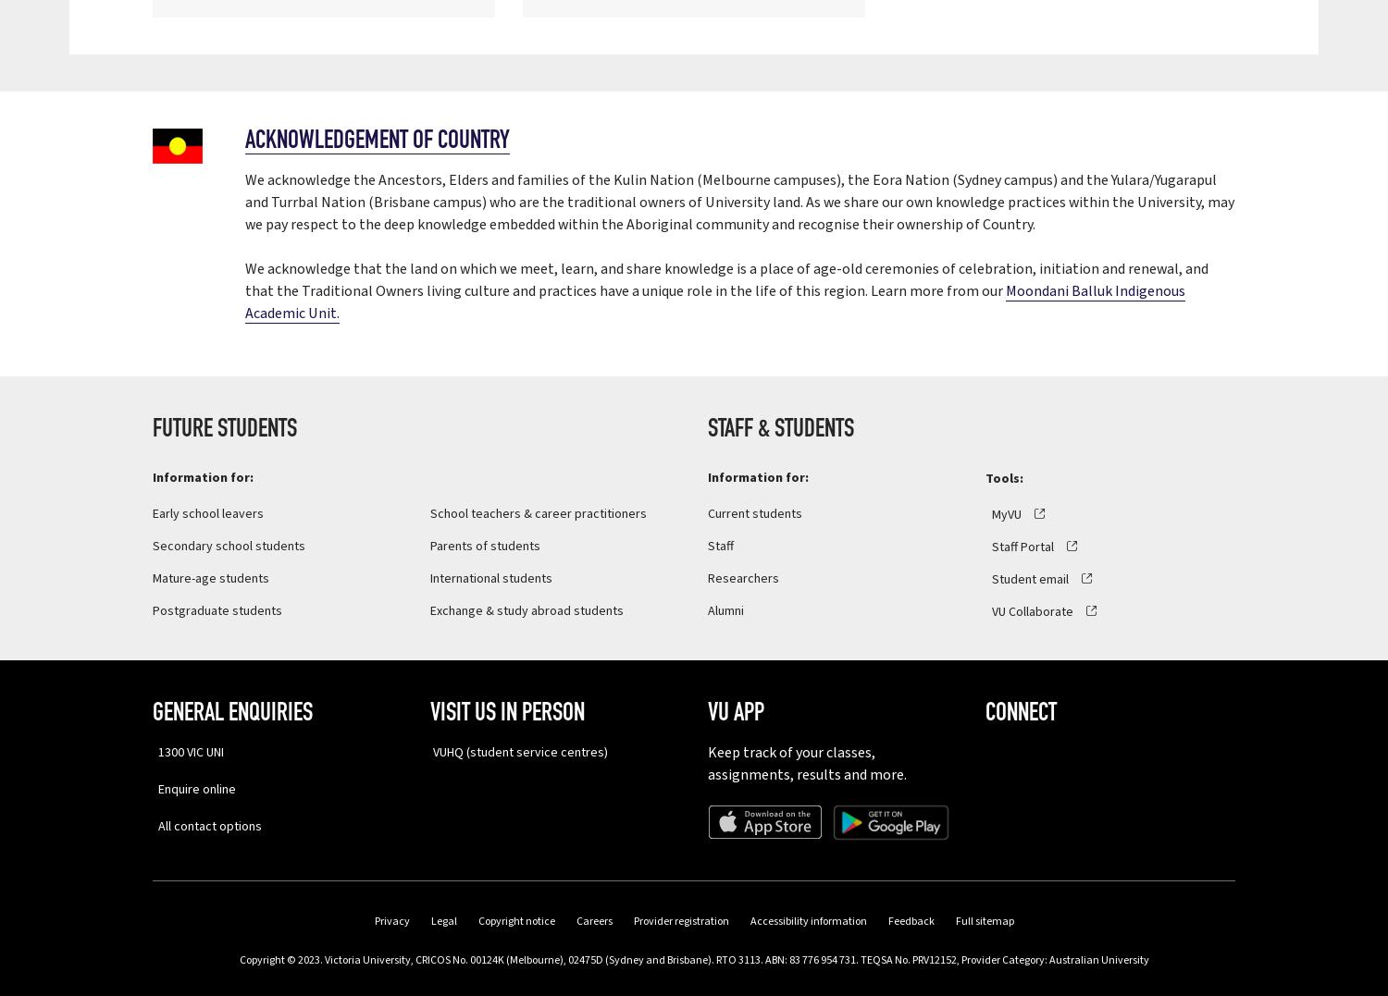  Describe the element at coordinates (153, 787) in the screenshot. I see `'Enquire online'` at that location.